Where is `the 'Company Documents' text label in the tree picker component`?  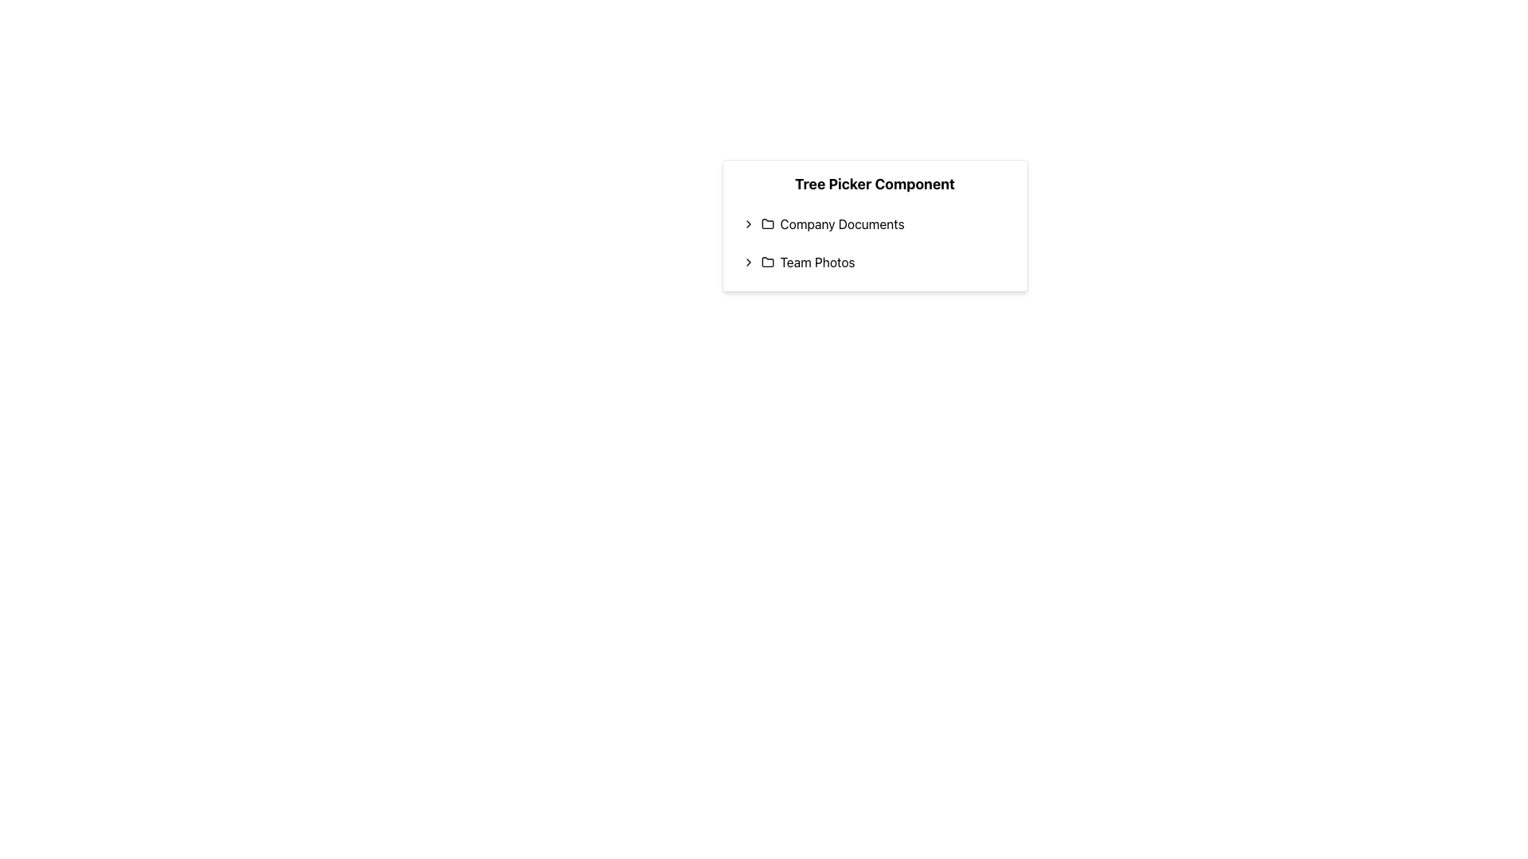
the 'Company Documents' text label in the tree picker component is located at coordinates (841, 223).